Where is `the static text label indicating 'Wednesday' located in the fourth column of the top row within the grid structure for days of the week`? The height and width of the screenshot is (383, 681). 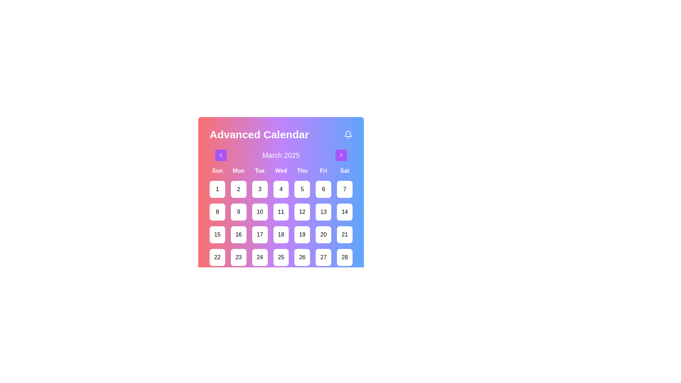 the static text label indicating 'Wednesday' located in the fourth column of the top row within the grid structure for days of the week is located at coordinates (281, 171).